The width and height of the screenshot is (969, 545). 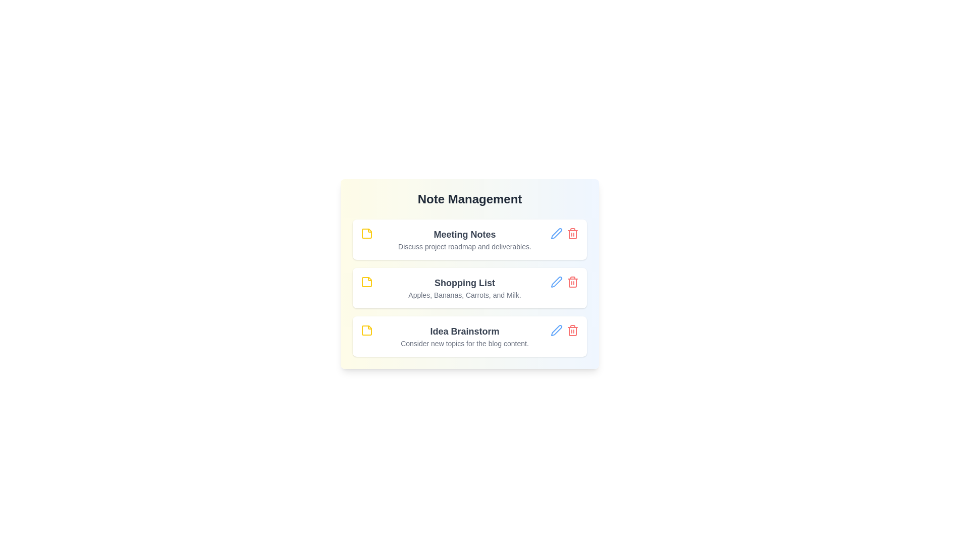 I want to click on the note titled 'Meeting Notes' to view its details, so click(x=464, y=235).